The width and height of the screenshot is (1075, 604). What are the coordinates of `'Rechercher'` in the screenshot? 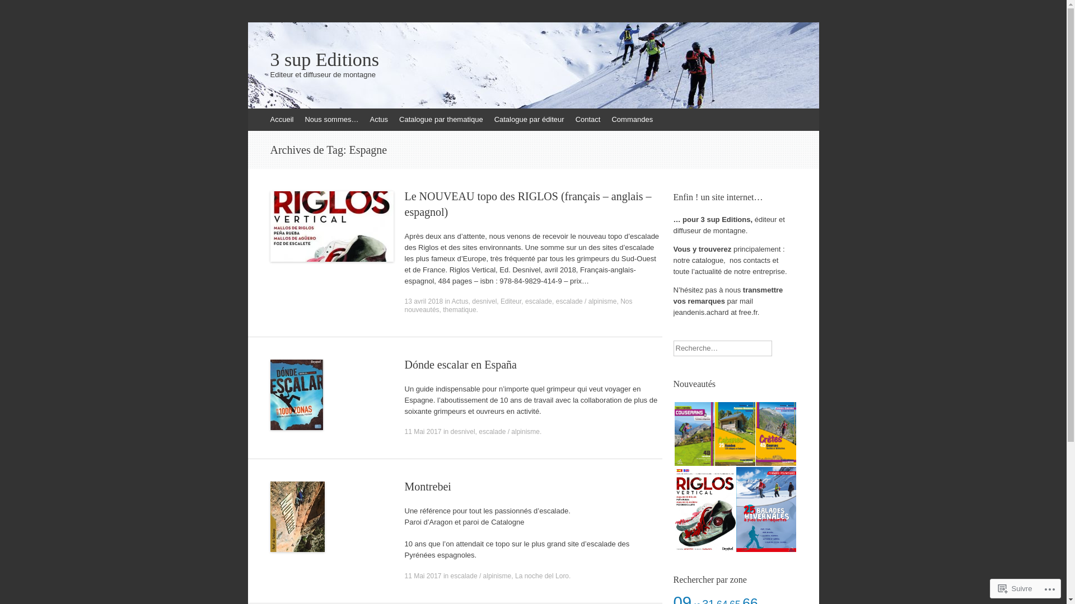 It's located at (24, 11).